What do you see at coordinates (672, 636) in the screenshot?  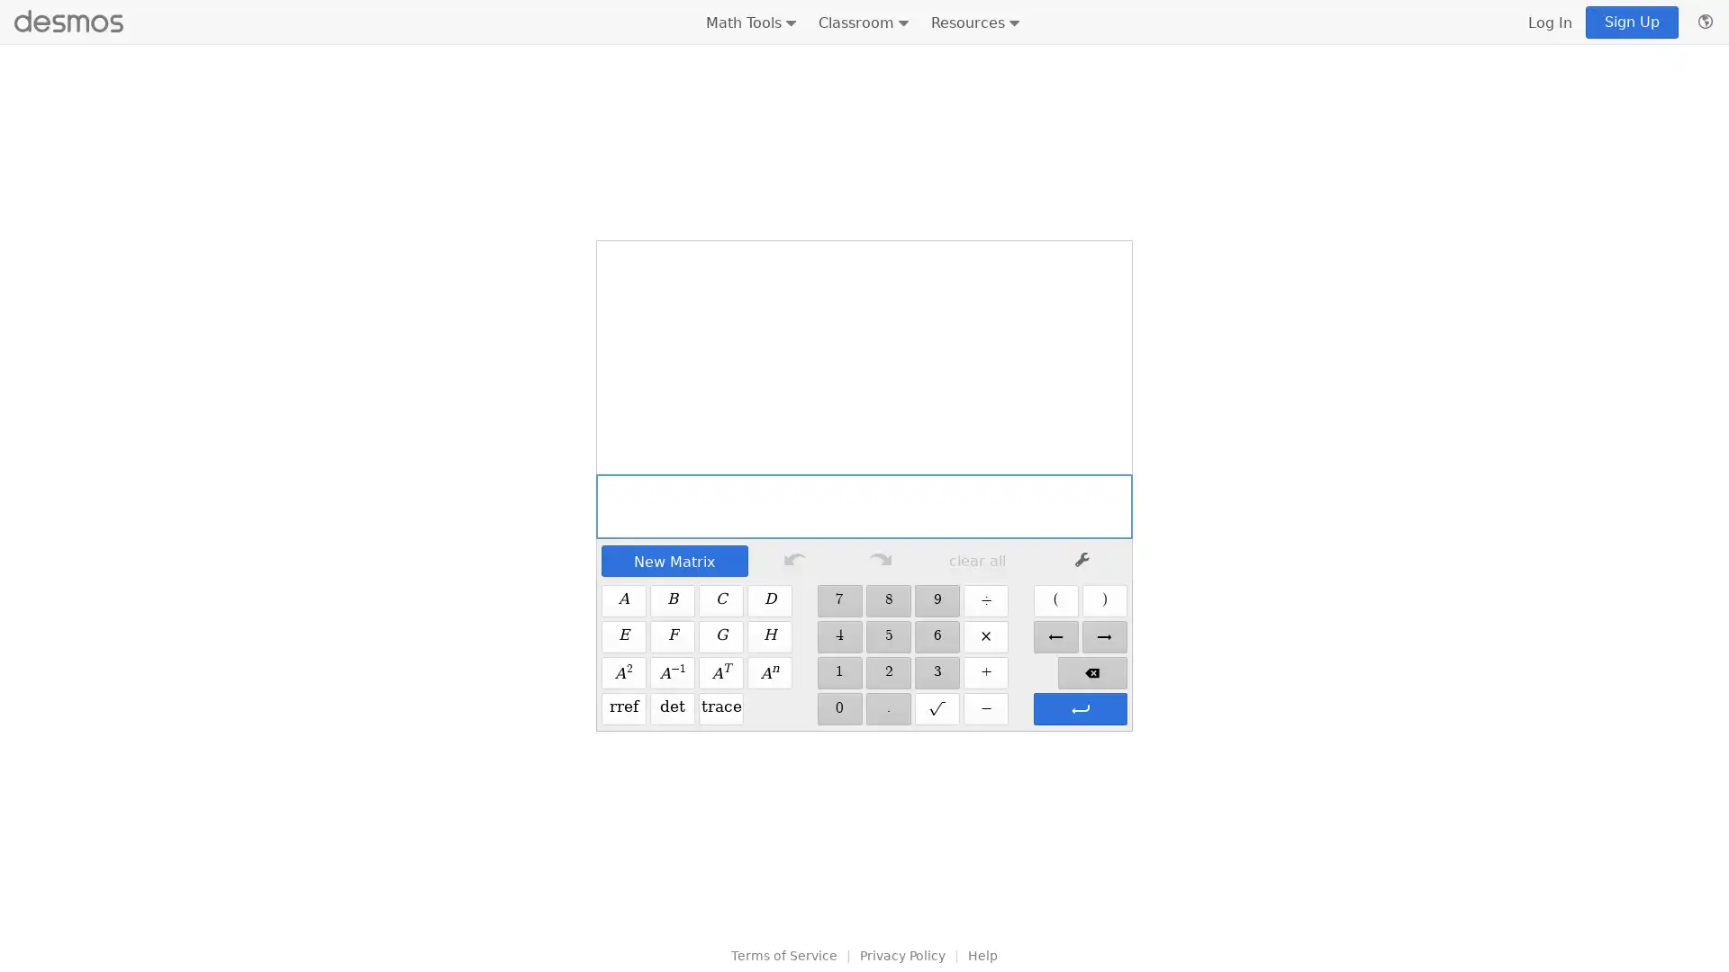 I see `F` at bounding box center [672, 636].